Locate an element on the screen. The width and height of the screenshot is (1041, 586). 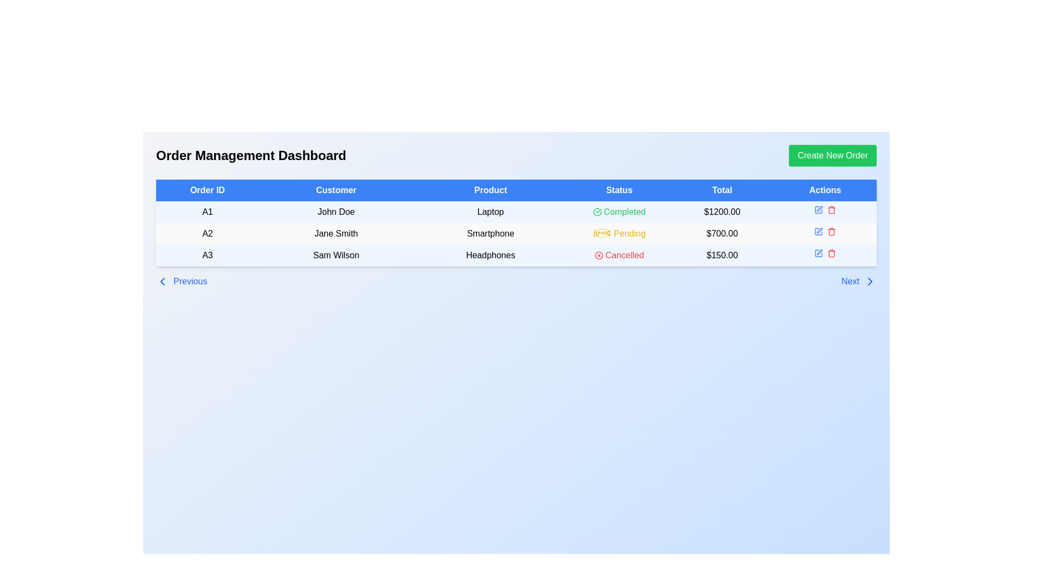
the text label that reads 'Smartphone', which is centered in the third column of the second row in a table under the 'Product' column is located at coordinates (490, 233).